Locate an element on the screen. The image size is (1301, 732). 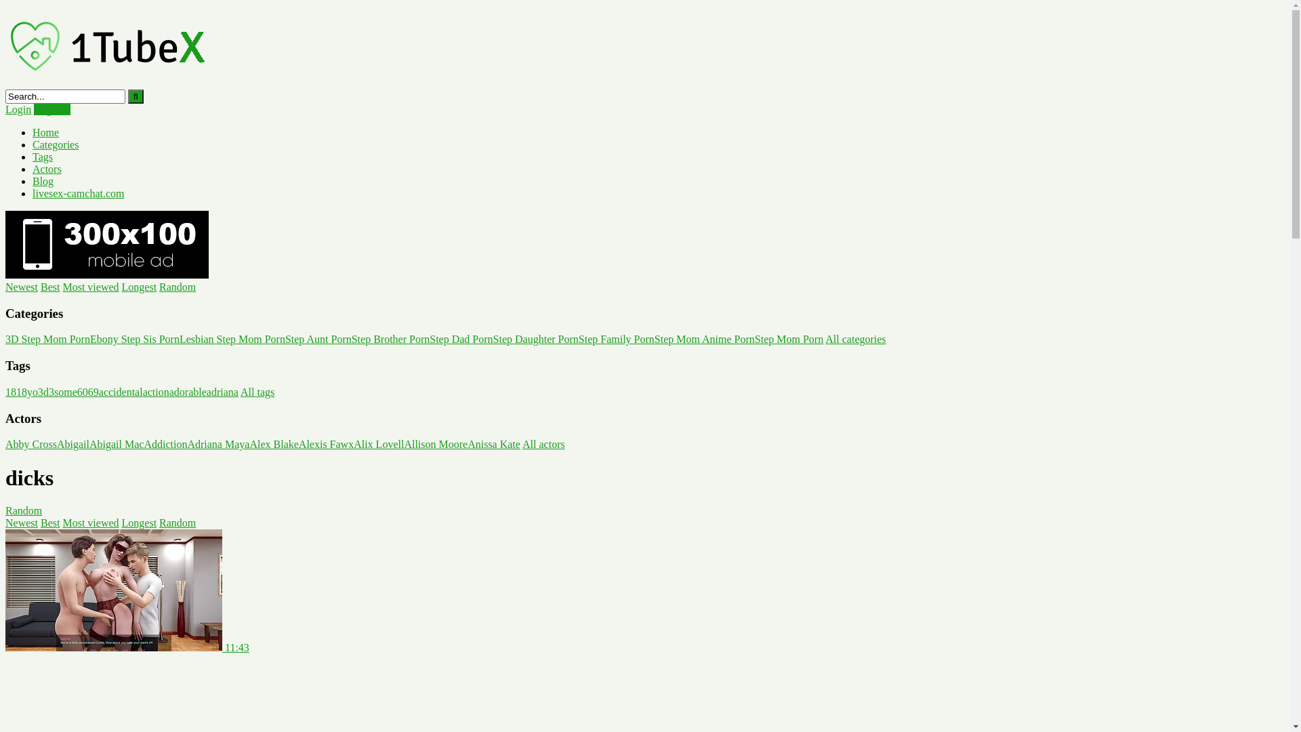
'60' is located at coordinates (81, 392).